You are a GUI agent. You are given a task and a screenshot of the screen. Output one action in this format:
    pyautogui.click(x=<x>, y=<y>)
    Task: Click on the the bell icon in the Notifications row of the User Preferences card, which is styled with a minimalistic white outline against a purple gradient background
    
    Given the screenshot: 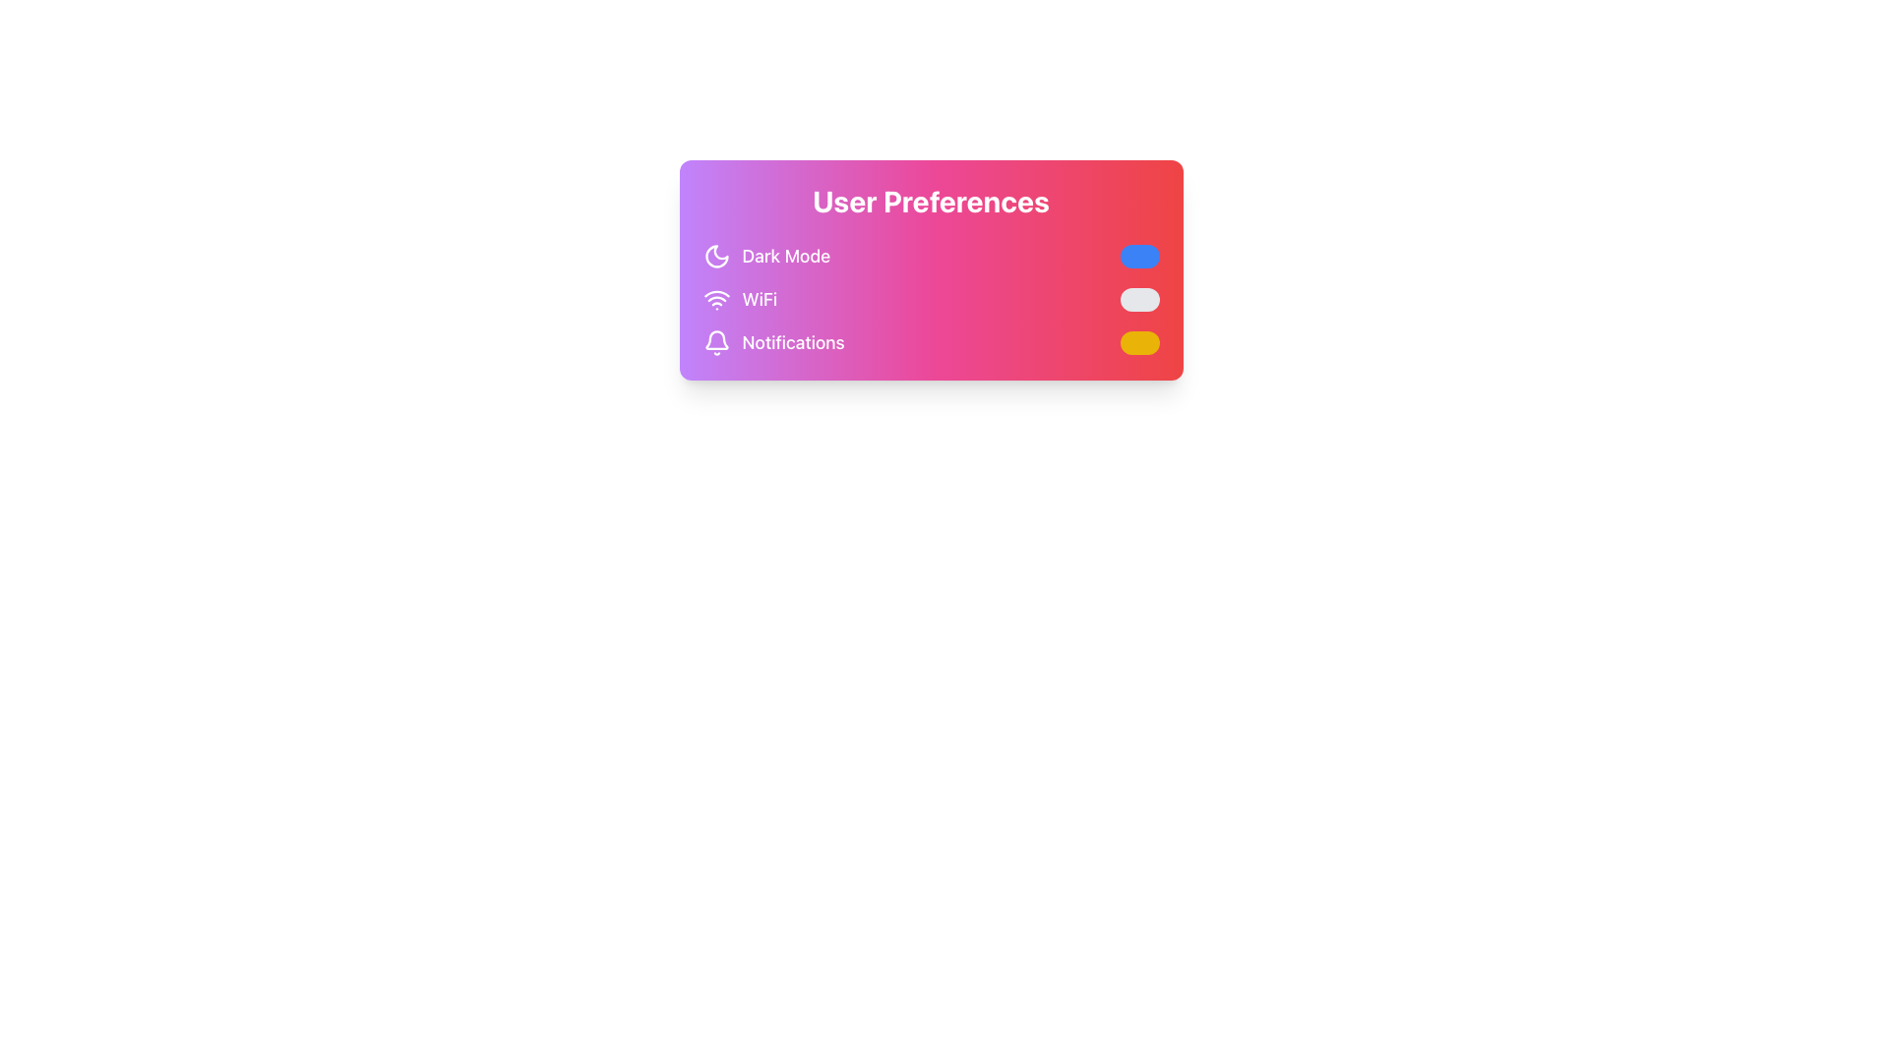 What is the action you would take?
    pyautogui.click(x=715, y=341)
    